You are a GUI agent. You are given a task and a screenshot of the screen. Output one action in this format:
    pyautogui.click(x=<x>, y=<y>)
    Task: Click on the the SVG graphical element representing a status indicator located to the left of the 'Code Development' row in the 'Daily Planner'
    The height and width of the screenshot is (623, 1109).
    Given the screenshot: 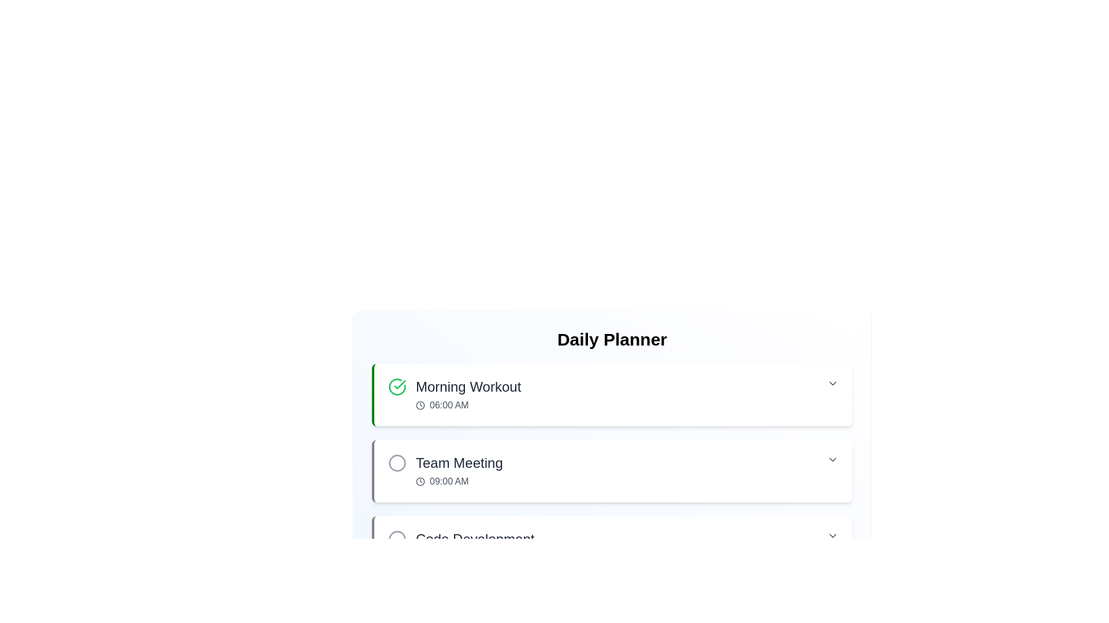 What is the action you would take?
    pyautogui.click(x=397, y=539)
    